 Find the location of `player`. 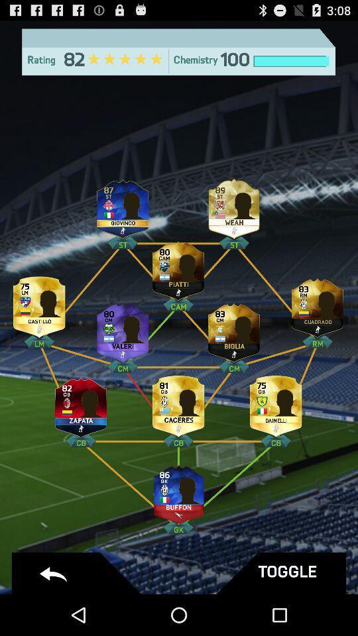

player is located at coordinates (81, 403).